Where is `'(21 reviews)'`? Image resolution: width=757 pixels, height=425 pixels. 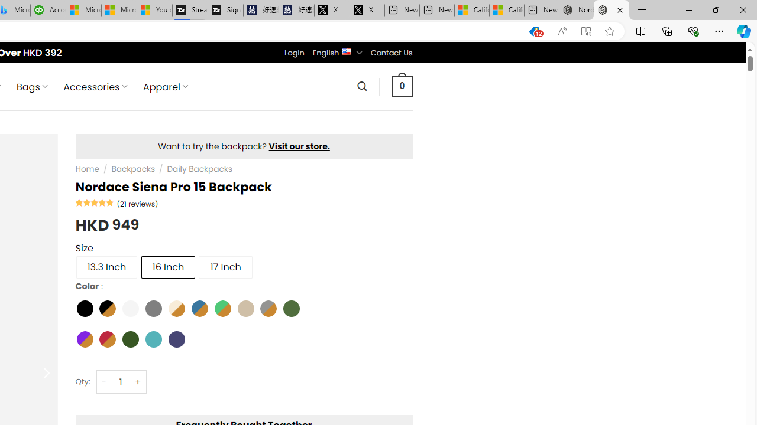 '(21 reviews)' is located at coordinates (137, 202).